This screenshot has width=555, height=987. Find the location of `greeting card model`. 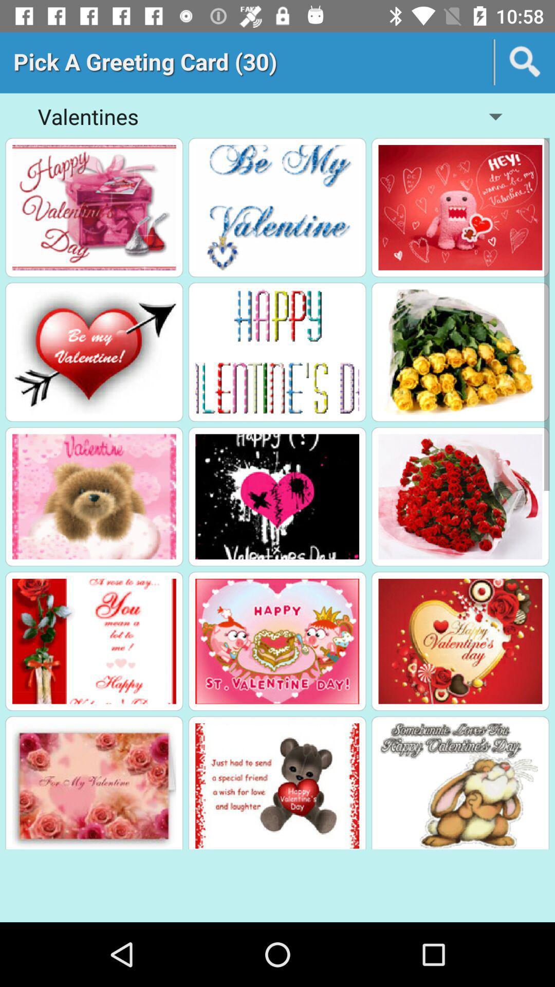

greeting card model is located at coordinates (94, 352).